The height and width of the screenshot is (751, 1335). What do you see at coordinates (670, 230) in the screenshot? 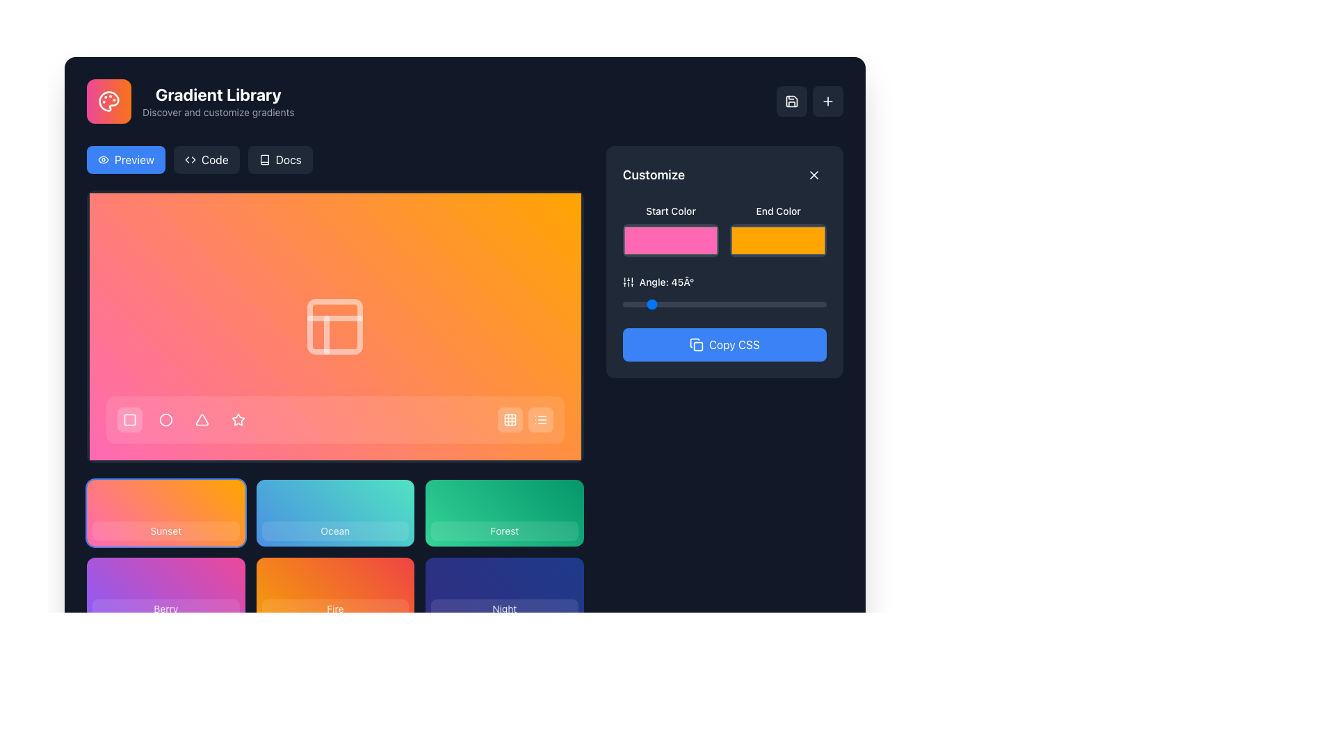
I see `the 'Start Color' input box, which is a rectangular color selection box filled with a pink background and labeled above` at bounding box center [670, 230].